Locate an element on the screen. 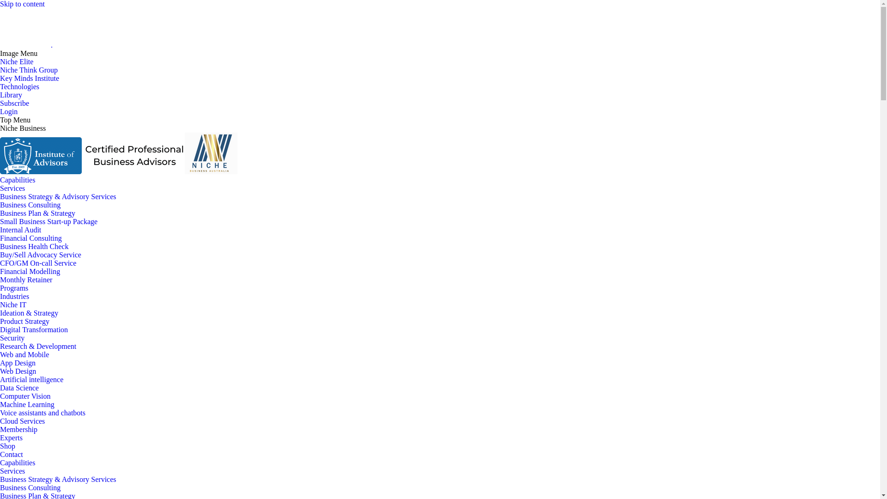 The image size is (887, 499). 'Business Strategy & Advisory Services' is located at coordinates (57, 196).